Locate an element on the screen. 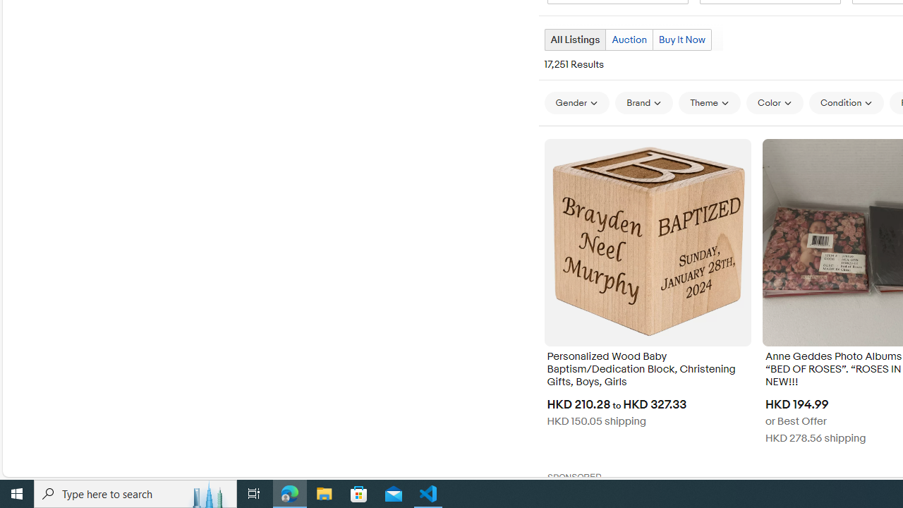  'Color' is located at coordinates (774, 102).